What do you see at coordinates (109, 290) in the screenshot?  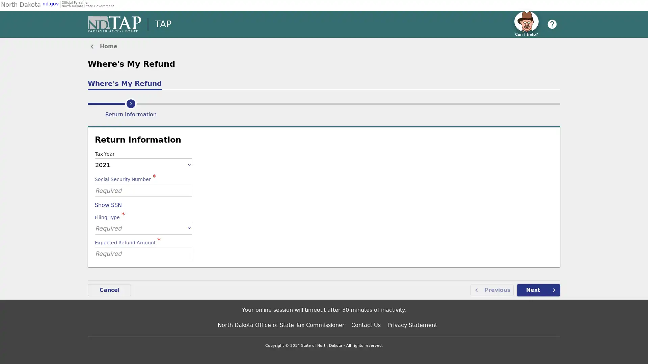 I see `Cancel` at bounding box center [109, 290].